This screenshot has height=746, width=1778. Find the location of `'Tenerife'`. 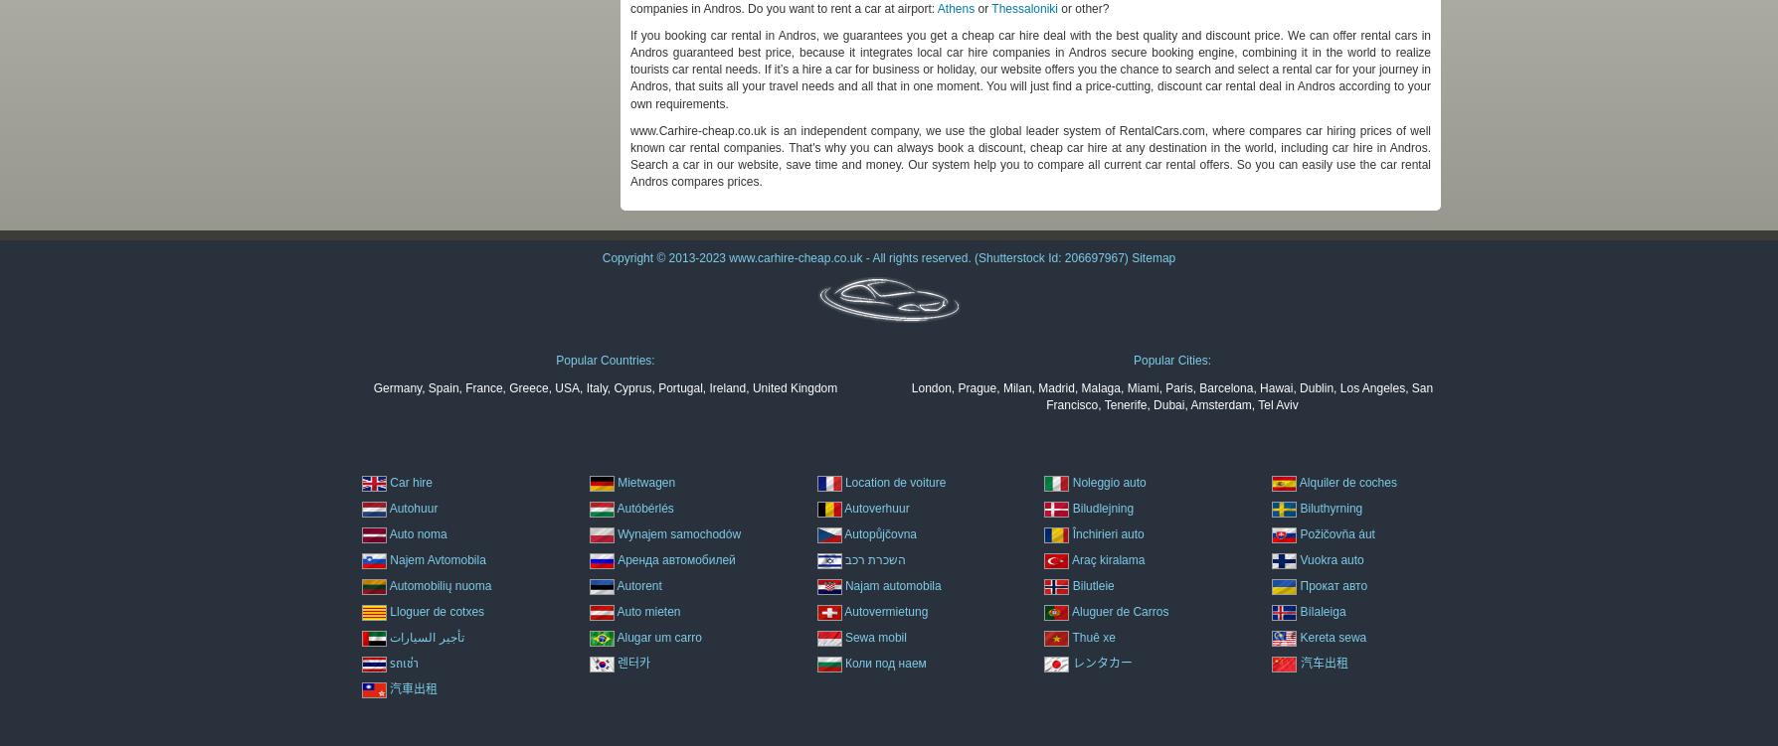

'Tenerife' is located at coordinates (1124, 402).